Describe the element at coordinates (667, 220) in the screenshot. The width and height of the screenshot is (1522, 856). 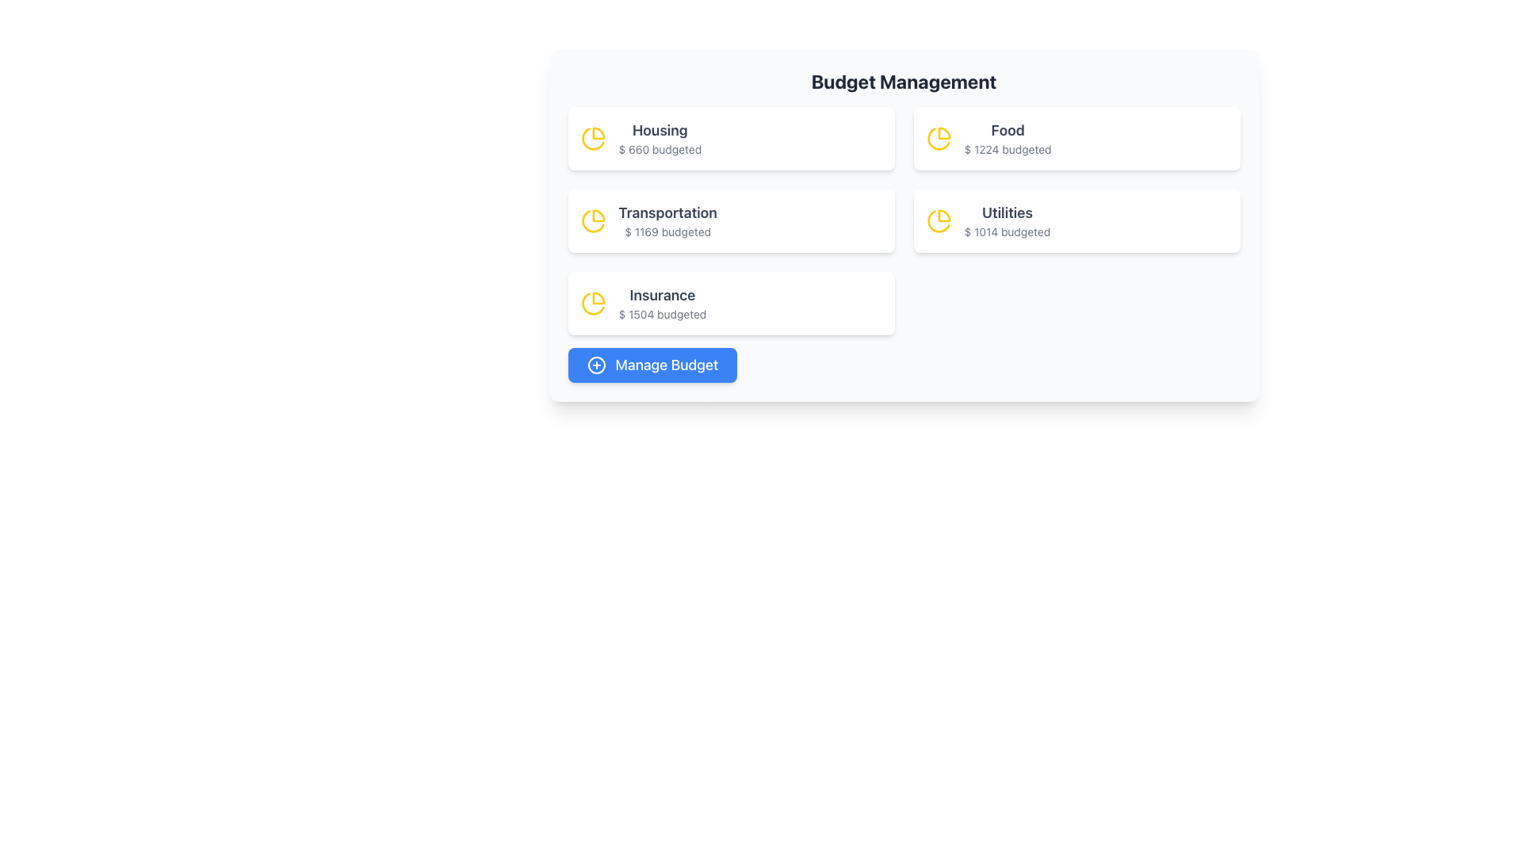
I see `the 'Transportation' text block label displaying the budgeted amount, which is located in a white rounded rectangle card under the 'Budget Management' header in the second position of the left column` at that location.